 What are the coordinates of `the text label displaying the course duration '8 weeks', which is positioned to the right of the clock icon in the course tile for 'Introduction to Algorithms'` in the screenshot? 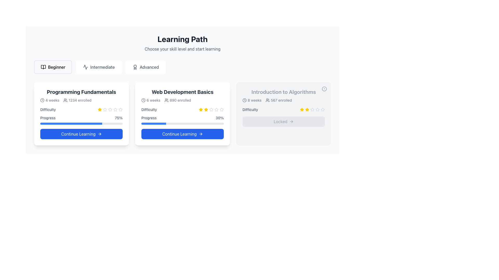 It's located at (254, 100).